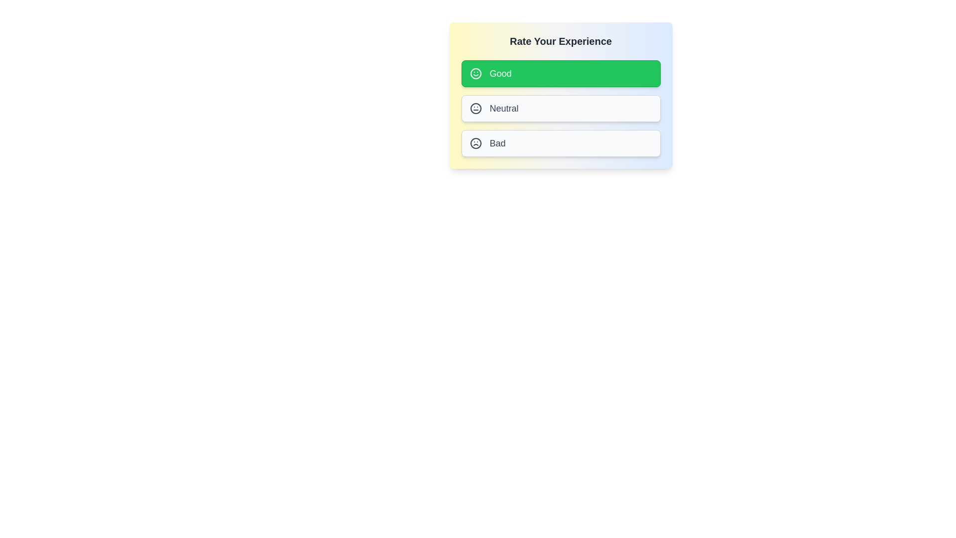 The width and height of the screenshot is (956, 538). Describe the element at coordinates (561, 109) in the screenshot. I see `the rating option labeled Neutral by clicking on it` at that location.